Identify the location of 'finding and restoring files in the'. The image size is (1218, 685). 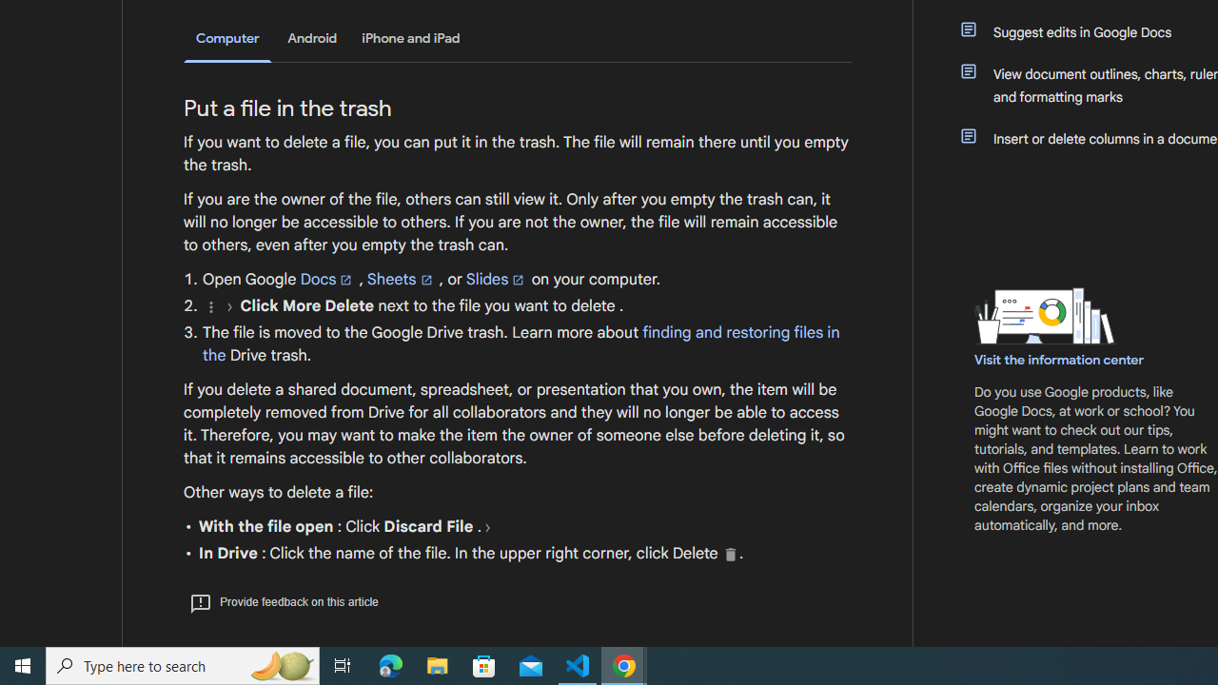
(521, 343).